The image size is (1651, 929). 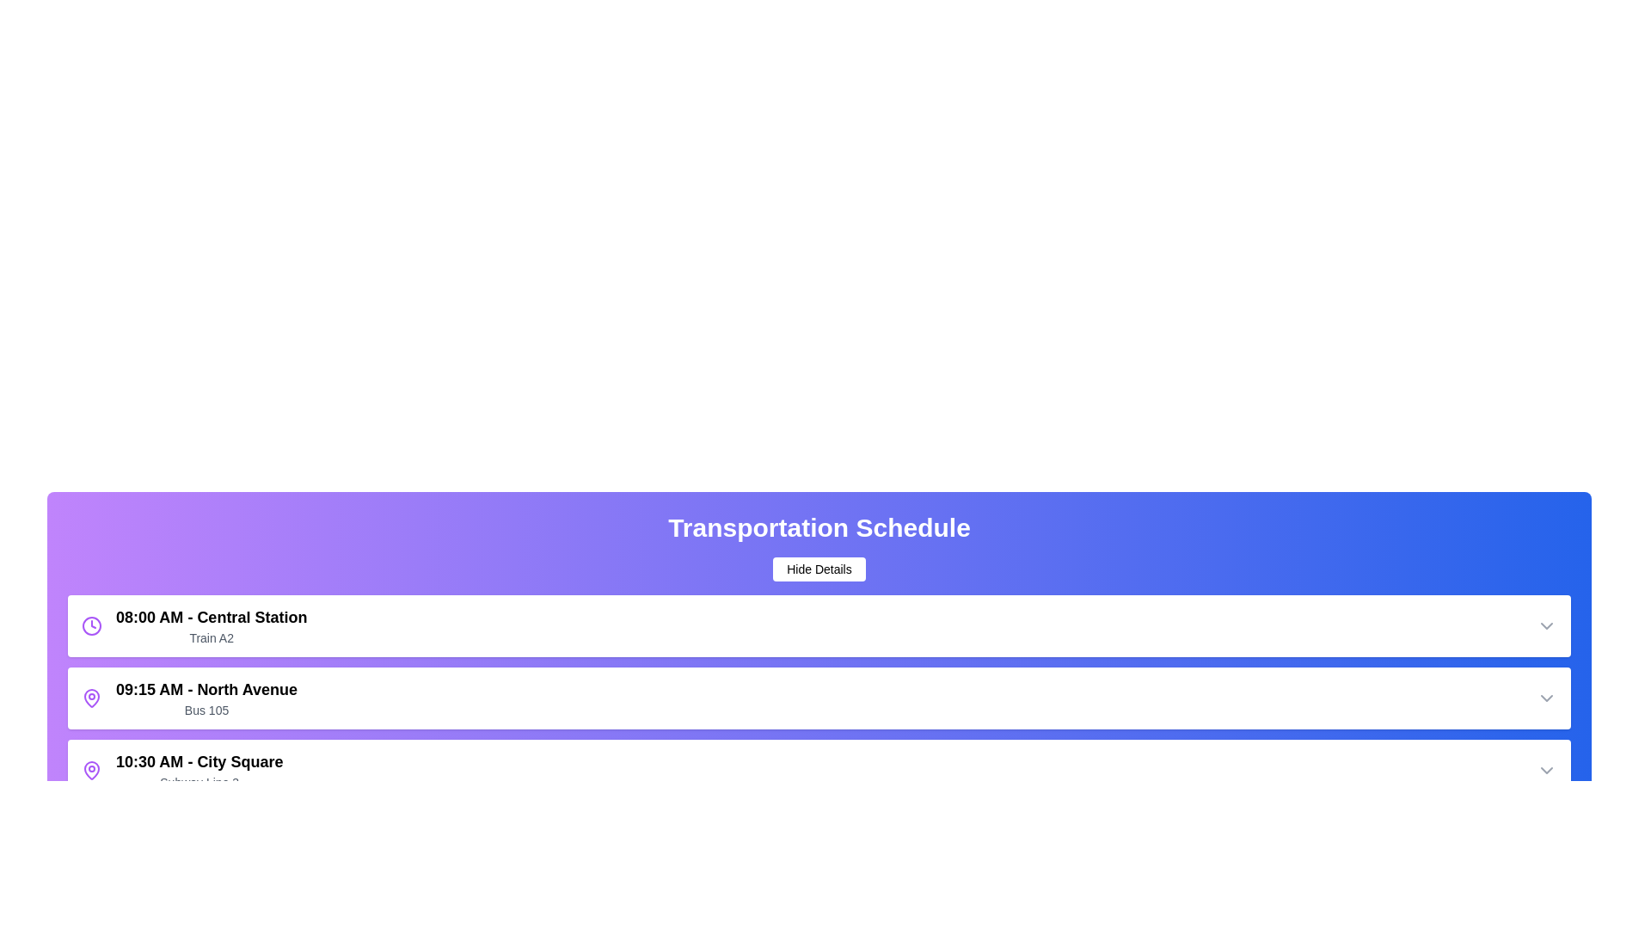 I want to click on the dropdown arrow of the schedule item corresponding to 10:30 AM - City Square, so click(x=1547, y=769).